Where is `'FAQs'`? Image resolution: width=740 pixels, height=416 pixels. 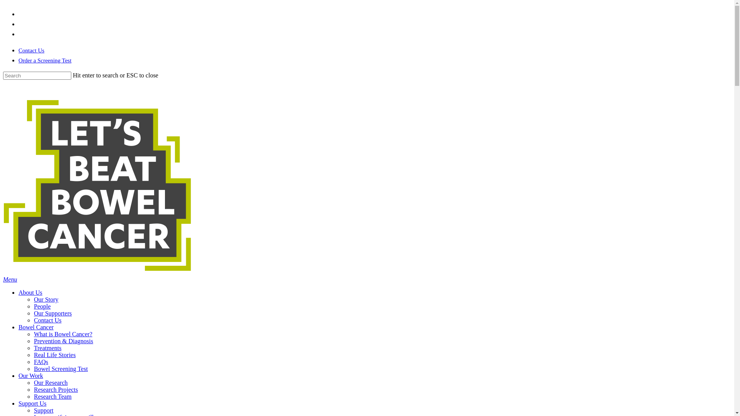
'FAQs' is located at coordinates (40, 362).